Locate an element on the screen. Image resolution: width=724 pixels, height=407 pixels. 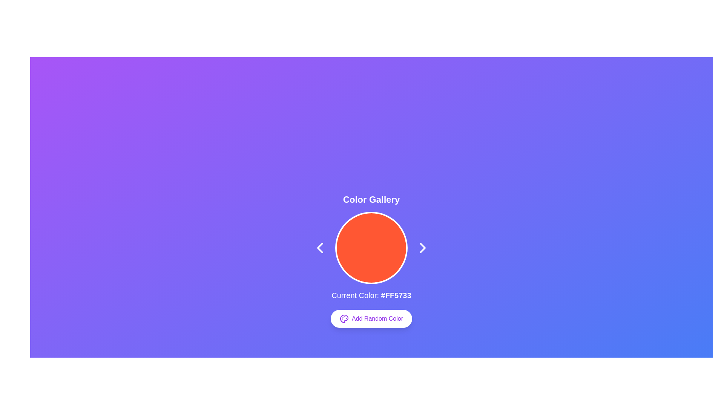
the decorative icon that represents the action of adding a random color, located to the left of the 'Add Random Color' text is located at coordinates (344, 318).